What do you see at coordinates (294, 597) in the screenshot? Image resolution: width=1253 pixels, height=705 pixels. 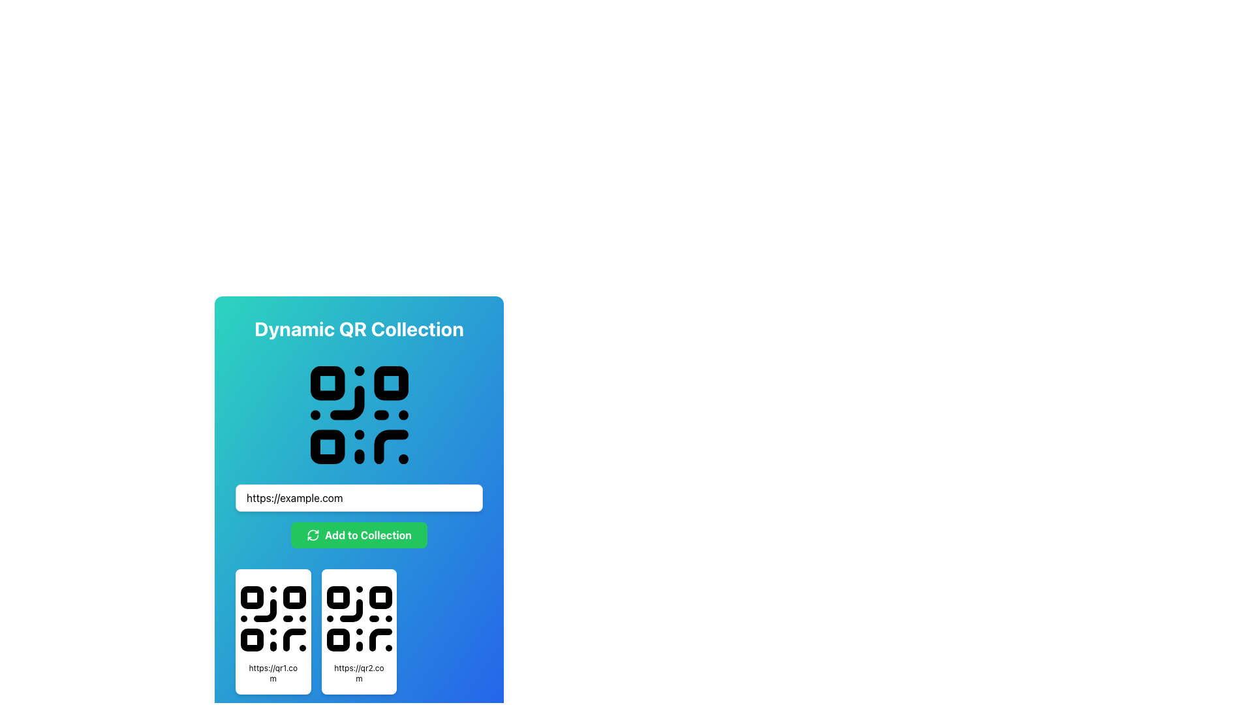 I see `the small rectangular shape located at the top right corner of the QR code structure on the left card, which is one of the three main dark blocks forming part of the QR code design` at bounding box center [294, 597].